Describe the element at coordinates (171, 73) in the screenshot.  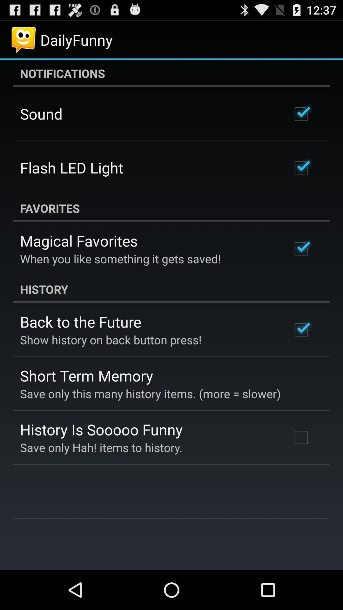
I see `app at the top` at that location.